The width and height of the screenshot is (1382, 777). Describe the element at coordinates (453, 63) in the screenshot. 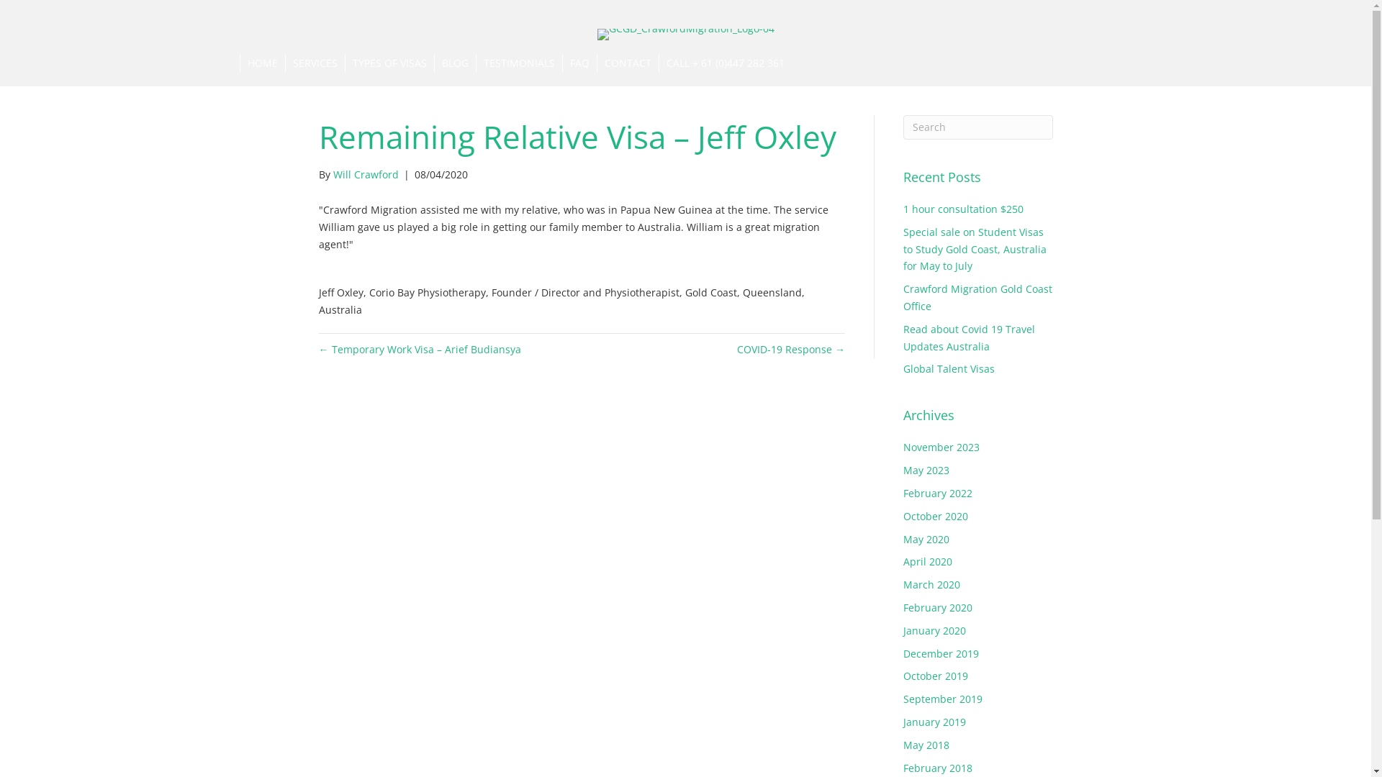

I see `'BLOG'` at that location.